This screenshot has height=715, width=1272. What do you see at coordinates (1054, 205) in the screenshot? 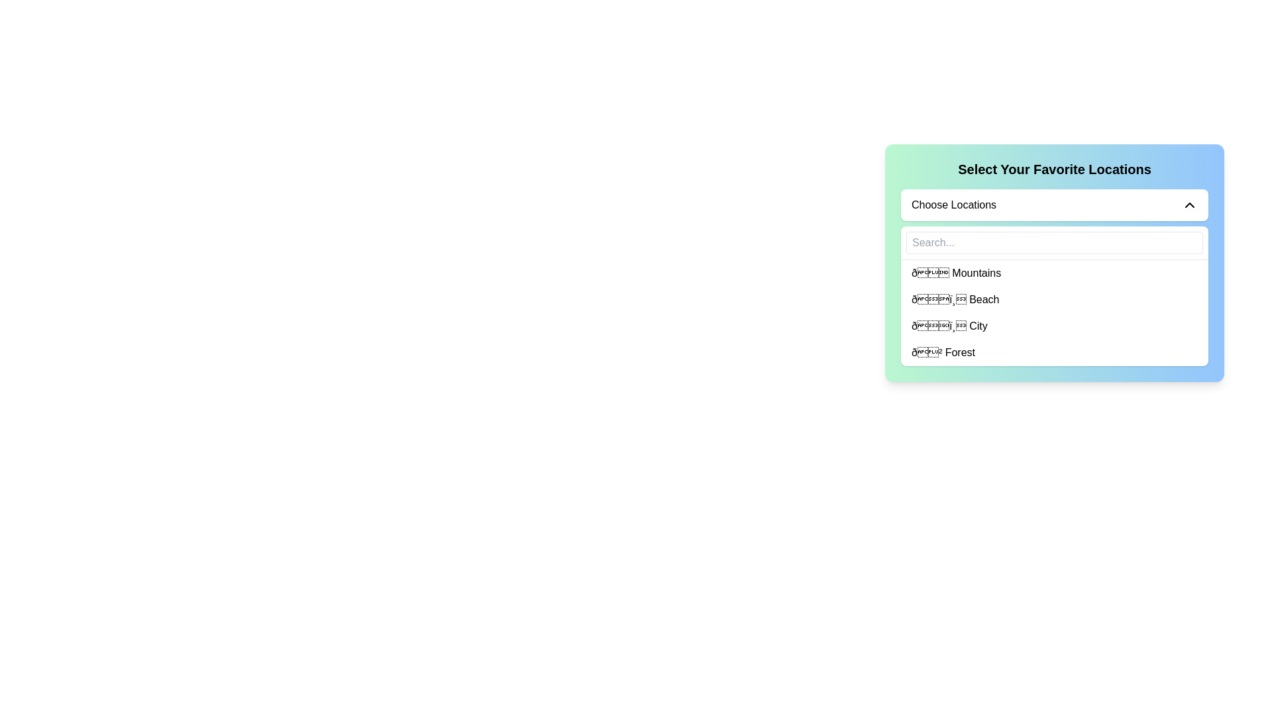
I see `the Dropdown toggle button located at the top of the dropdown menu interface` at bounding box center [1054, 205].